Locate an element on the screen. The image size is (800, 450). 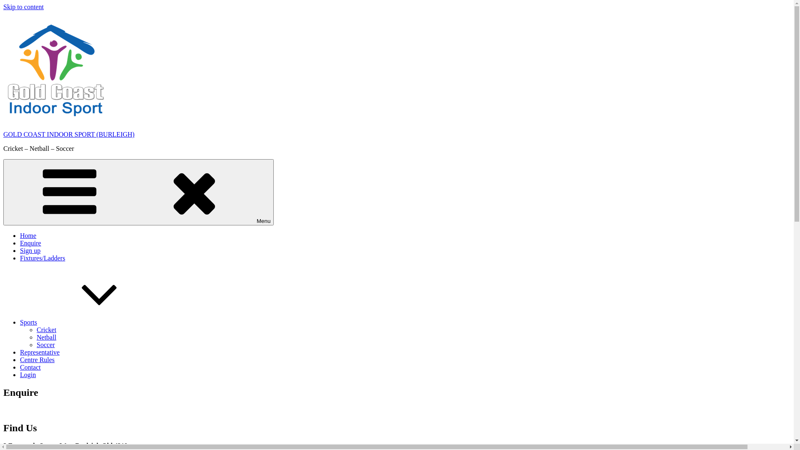
'Menu' is located at coordinates (138, 192).